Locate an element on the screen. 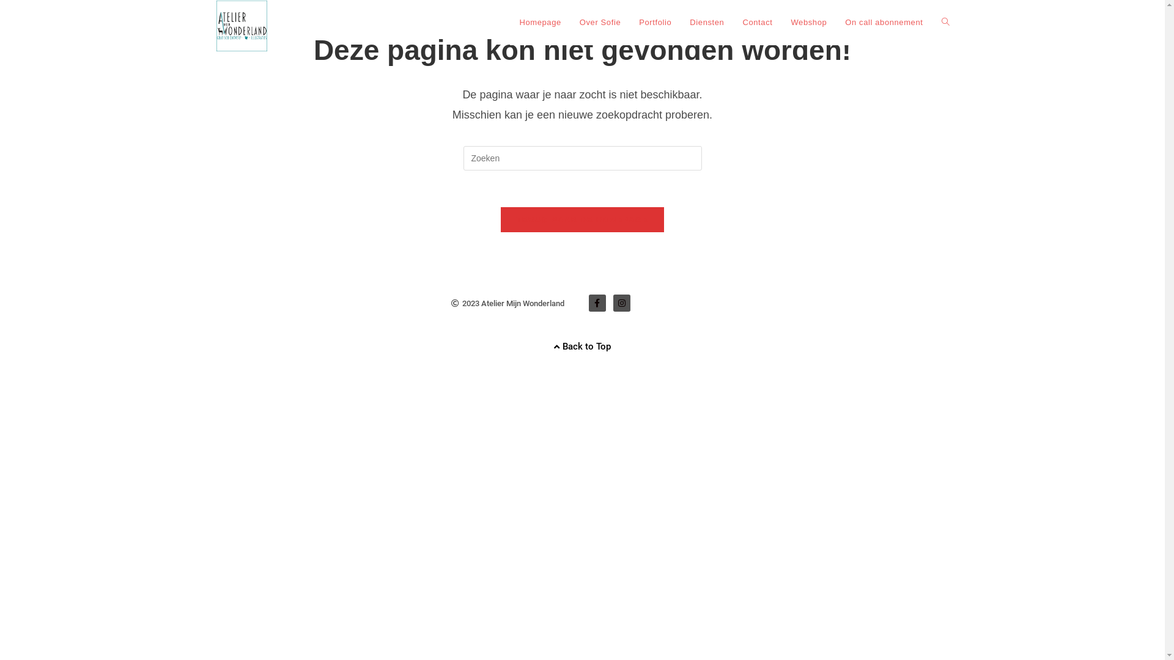  'Back to Top' is located at coordinates (581, 346).